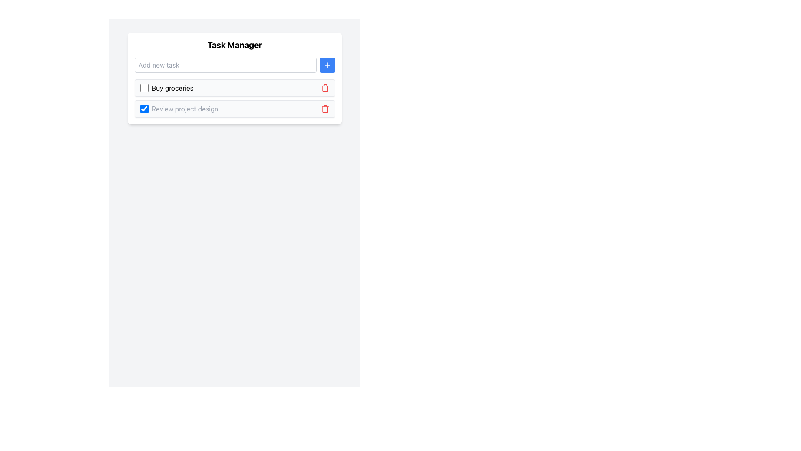 The image size is (801, 451). What do you see at coordinates (327, 64) in the screenshot?
I see `the plus sign icon within the blue circular button at the top-right corner of the task input field in the Task Manager interface` at bounding box center [327, 64].